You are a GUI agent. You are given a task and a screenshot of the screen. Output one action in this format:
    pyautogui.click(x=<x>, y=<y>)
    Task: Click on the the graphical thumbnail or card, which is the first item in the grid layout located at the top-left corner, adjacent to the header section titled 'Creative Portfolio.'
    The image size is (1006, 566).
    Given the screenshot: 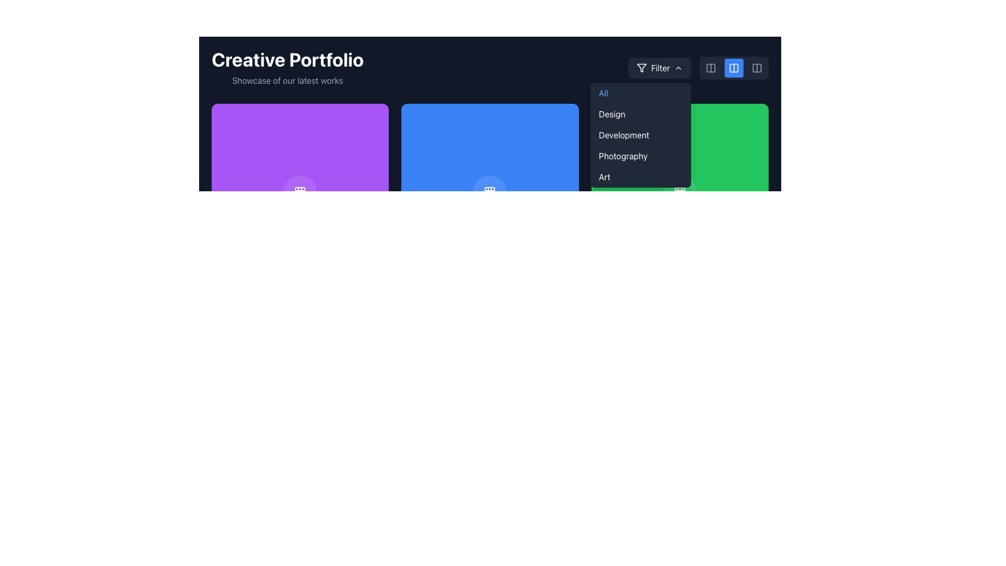 What is the action you would take?
    pyautogui.click(x=300, y=192)
    